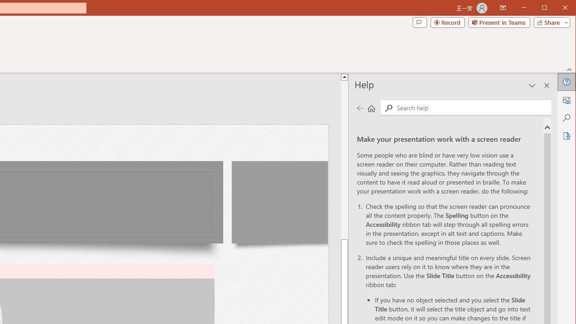 This screenshot has width=576, height=324. I want to click on 'Task Pane Options', so click(532, 85).